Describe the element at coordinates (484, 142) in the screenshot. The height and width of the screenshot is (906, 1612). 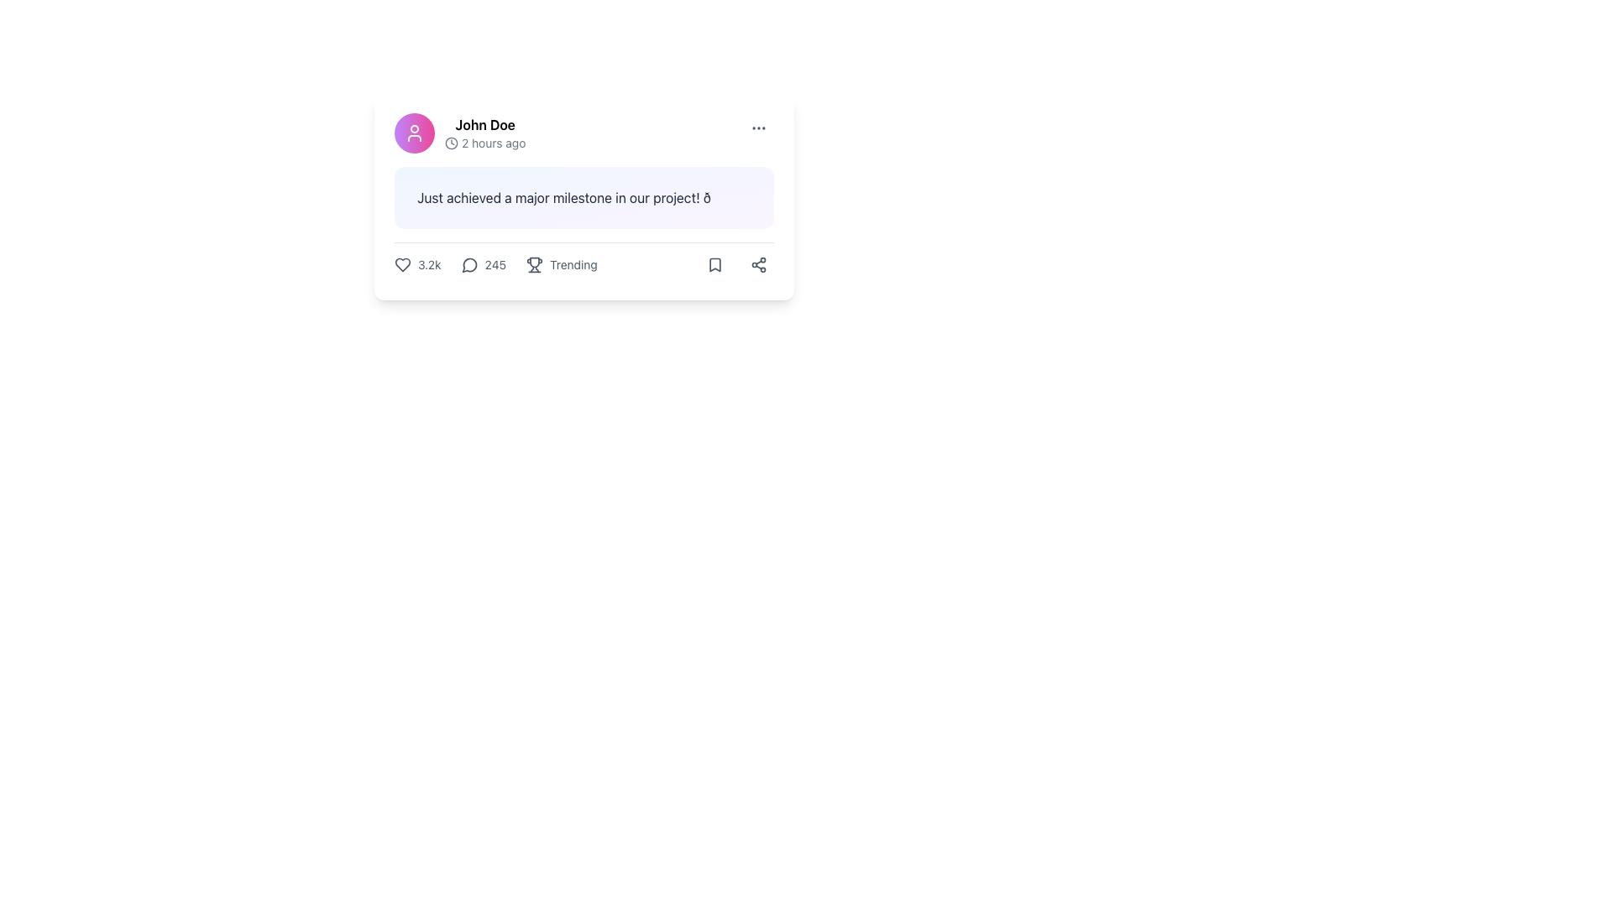
I see `the timestamp display element that shows '2 hours ago' with a clock icon, located in the post header area to the right of 'John Doe'` at that location.